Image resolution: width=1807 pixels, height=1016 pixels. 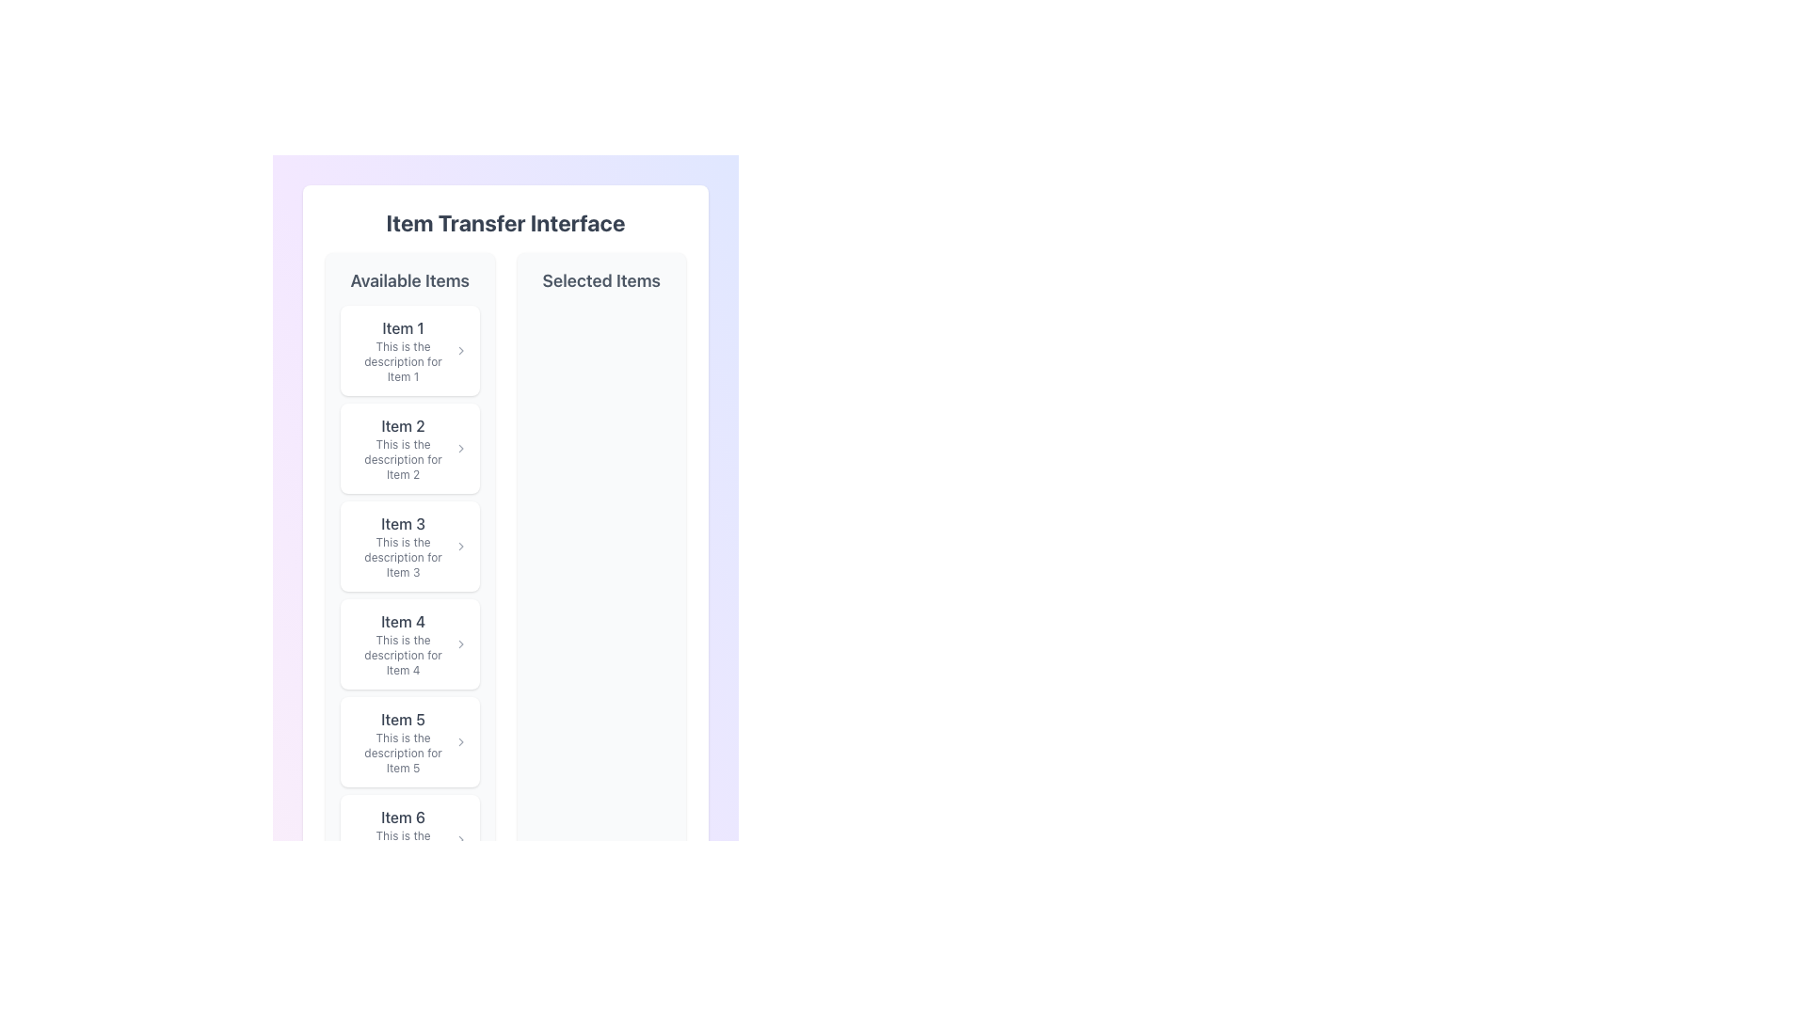 I want to click on the non-interactive Text Label that displays descriptive information related to Item 4, positioned beneath the title 'Item 4', so click(x=402, y=655).